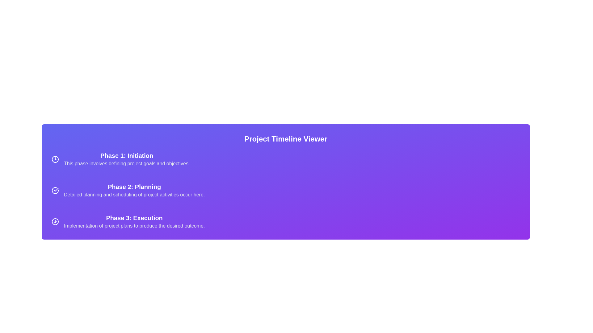 This screenshot has width=593, height=333. I want to click on the text display element that provides a description of the goals and objectives associated with the 'Phase 1: Initiation' section of the project timeline, so click(126, 163).